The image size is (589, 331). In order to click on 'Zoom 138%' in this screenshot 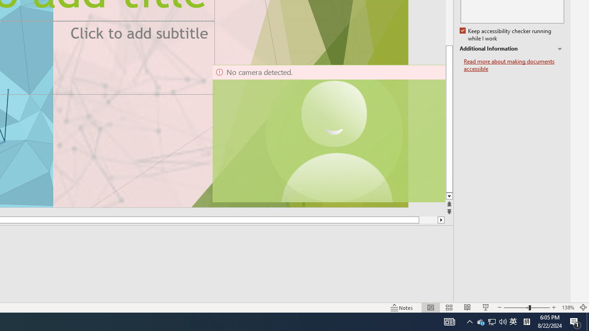, I will do `click(567, 308)`.